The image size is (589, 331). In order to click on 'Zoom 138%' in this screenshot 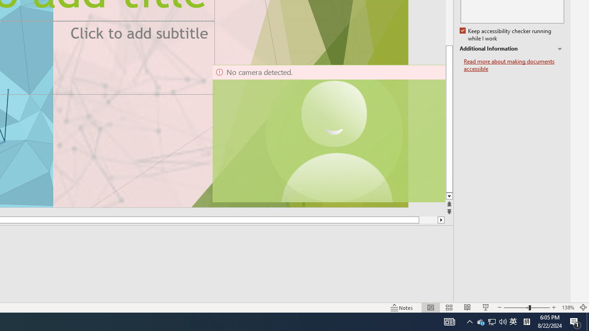, I will do `click(567, 308)`.